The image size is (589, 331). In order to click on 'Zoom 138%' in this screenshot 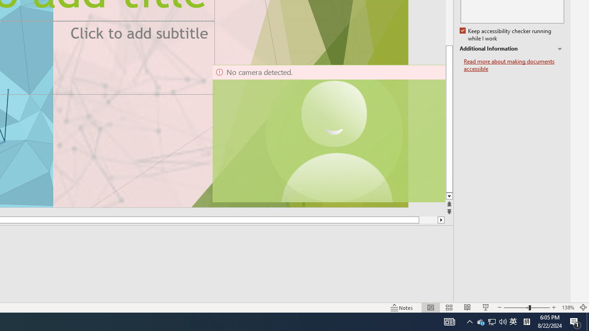, I will do `click(567, 308)`.